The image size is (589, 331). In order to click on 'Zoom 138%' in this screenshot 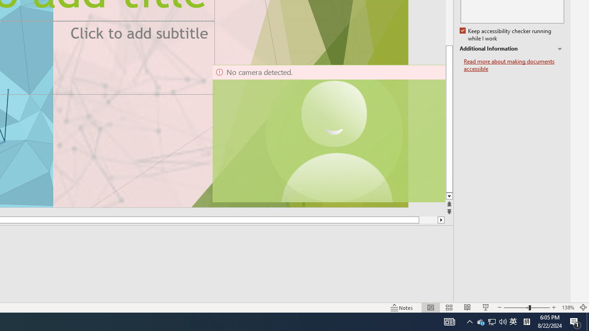, I will do `click(567, 308)`.